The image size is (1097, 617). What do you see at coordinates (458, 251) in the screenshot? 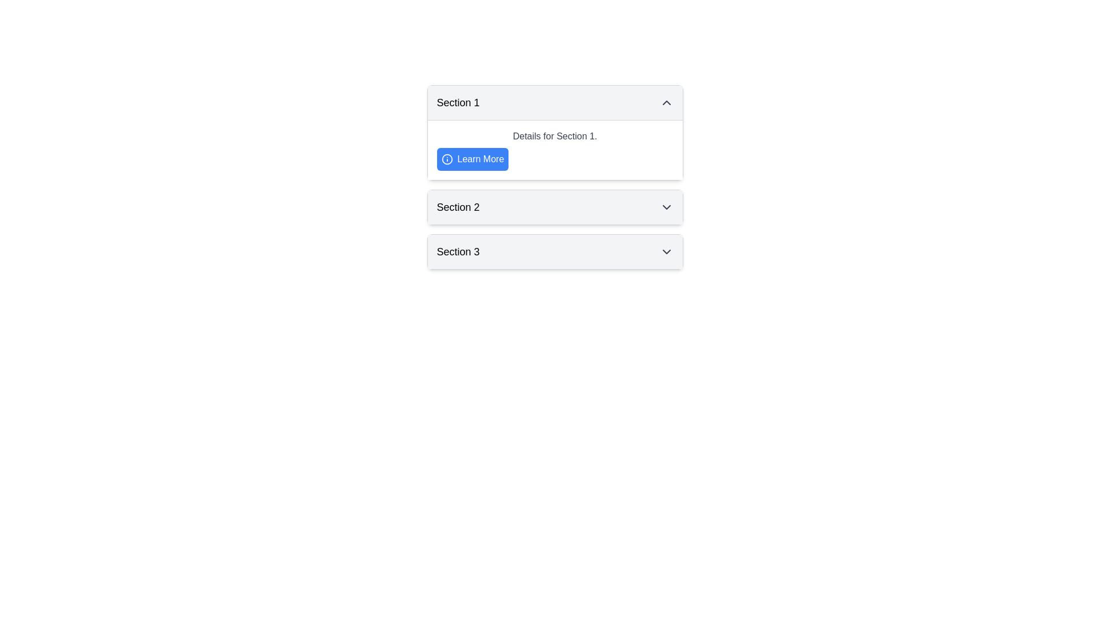
I see `the Static Label for 'Section 3', which serves as the heading for the collapsible section located below 'Section 1' and 'Section 2'` at bounding box center [458, 251].